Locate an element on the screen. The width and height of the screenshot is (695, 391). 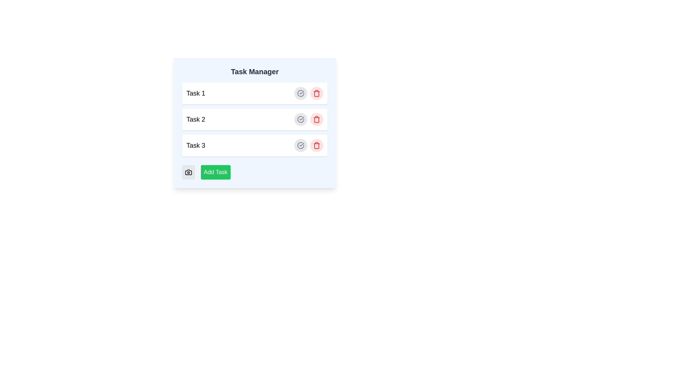
the trash can icon, which is red and located at the far right of the row for 'Task 1' in the task management list, to provide visual feedback is located at coordinates (316, 93).